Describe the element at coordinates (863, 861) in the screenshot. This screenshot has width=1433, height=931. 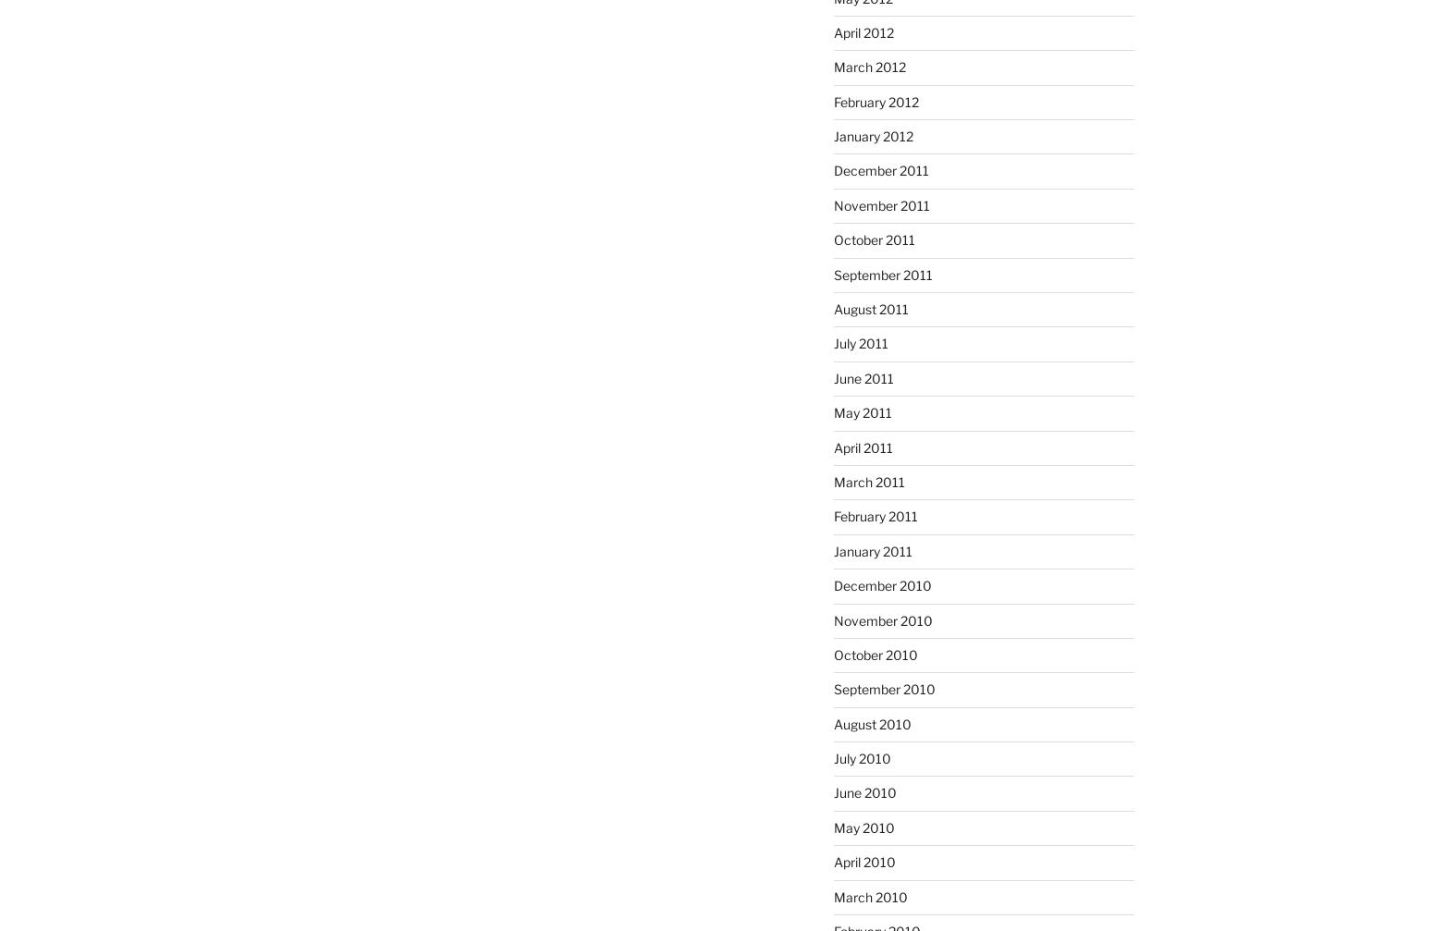
I see `'April 2010'` at that location.